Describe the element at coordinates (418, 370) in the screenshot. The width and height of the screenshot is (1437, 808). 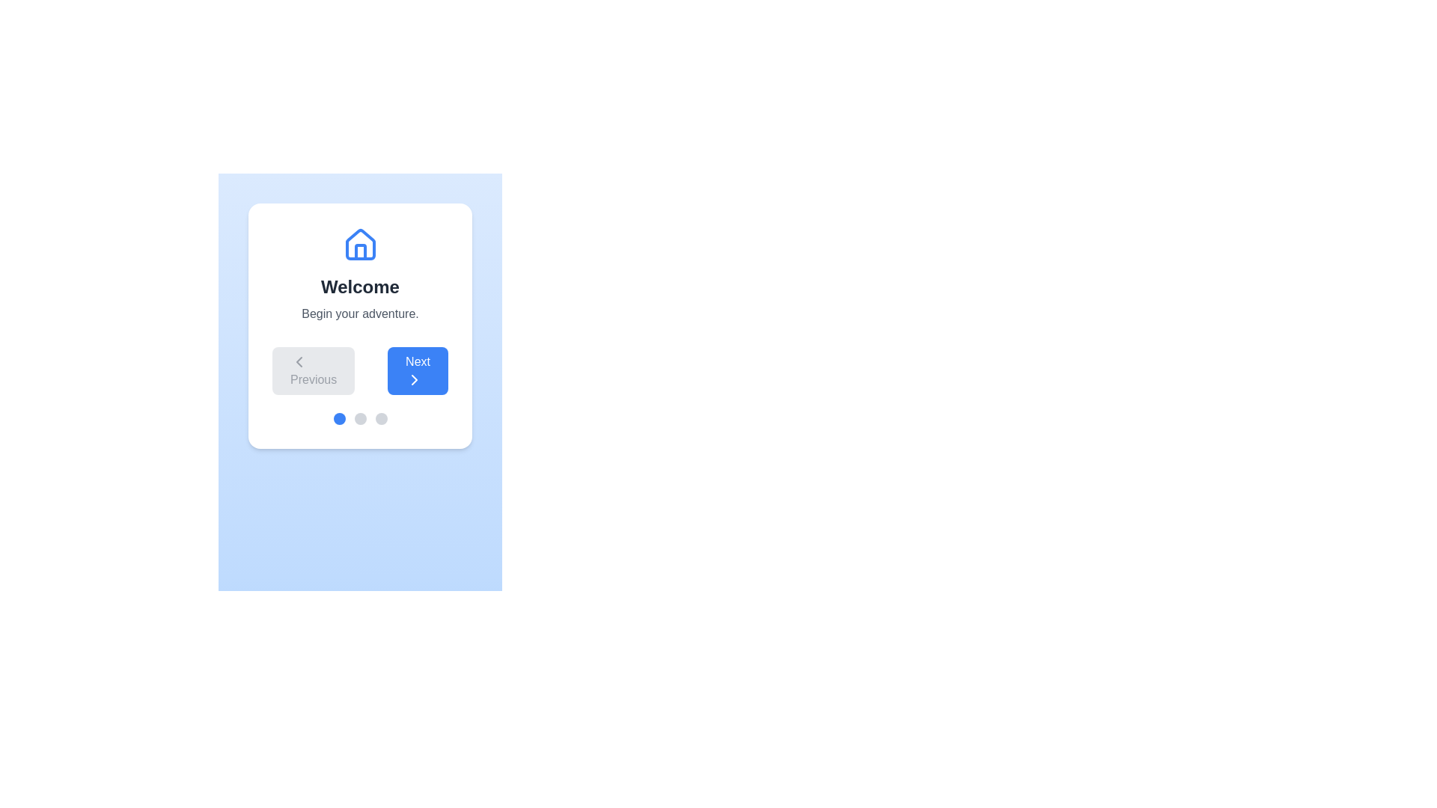
I see `the text 'Next' within the component` at that location.